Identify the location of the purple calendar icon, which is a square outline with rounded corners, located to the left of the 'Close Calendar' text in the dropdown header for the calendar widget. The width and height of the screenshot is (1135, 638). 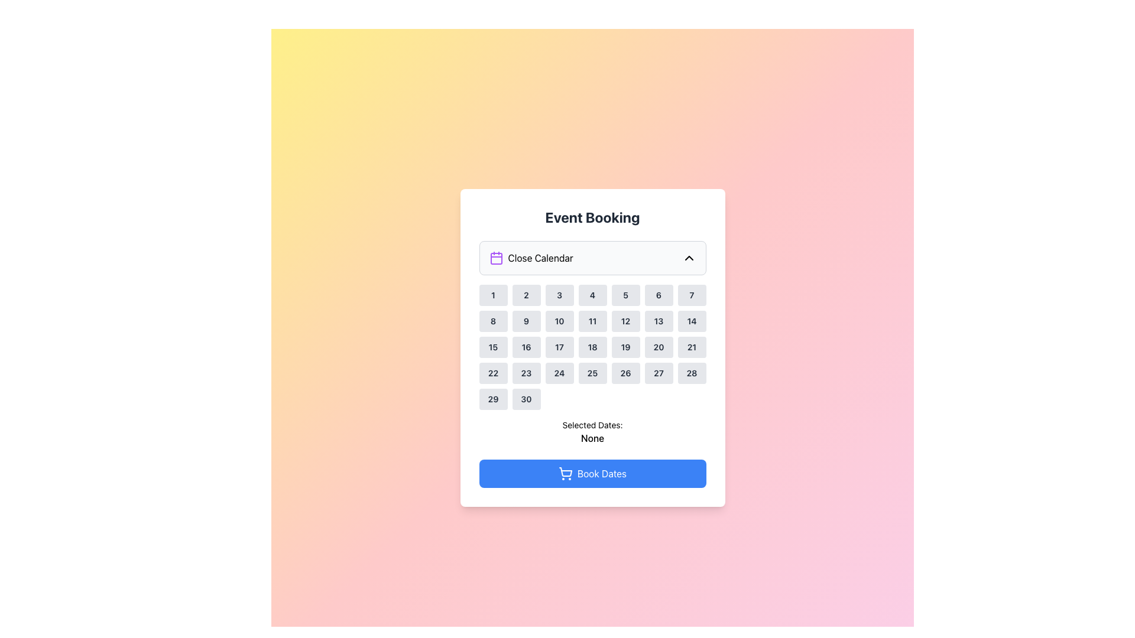
(496, 257).